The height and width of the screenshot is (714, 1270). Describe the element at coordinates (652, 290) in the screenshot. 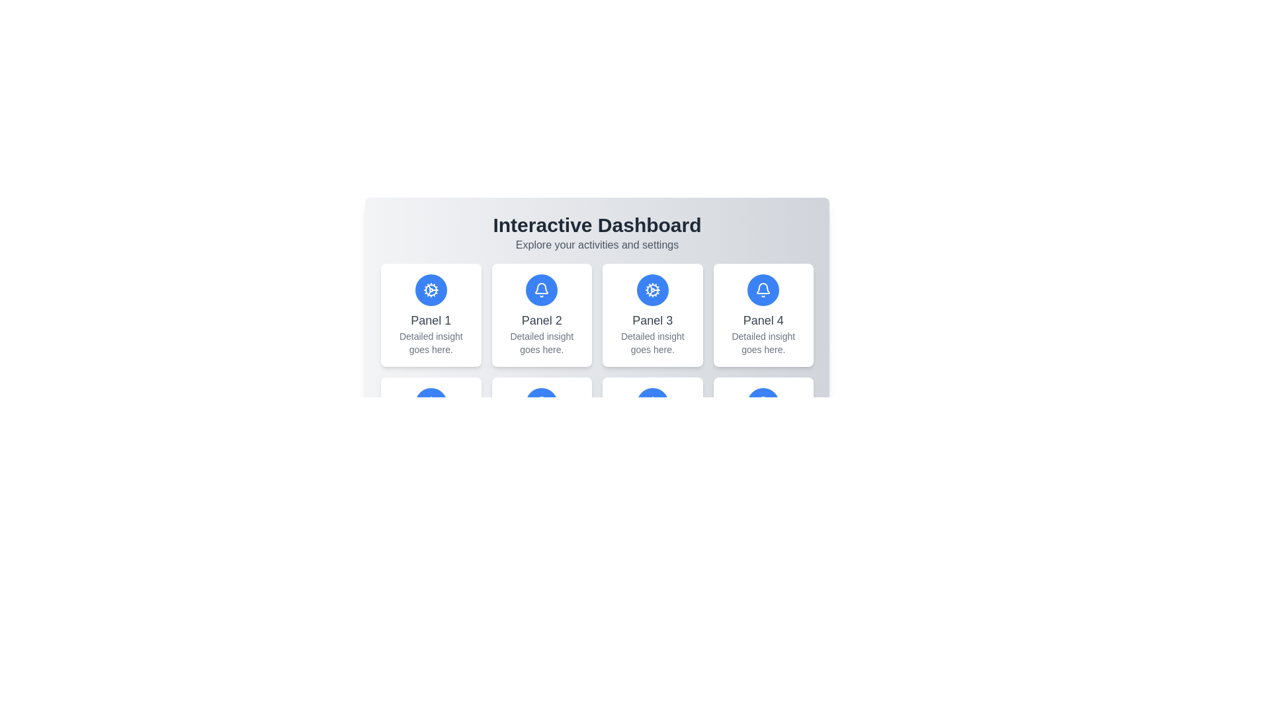

I see `the gear icon button, which is a white gear icon on a circular blue background located in the center of the third panel in the first row on the dashboard interface` at that location.